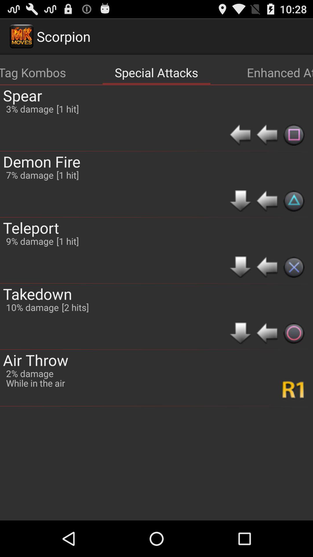 The width and height of the screenshot is (313, 557). What do you see at coordinates (33, 72) in the screenshot?
I see `tag kombos` at bounding box center [33, 72].